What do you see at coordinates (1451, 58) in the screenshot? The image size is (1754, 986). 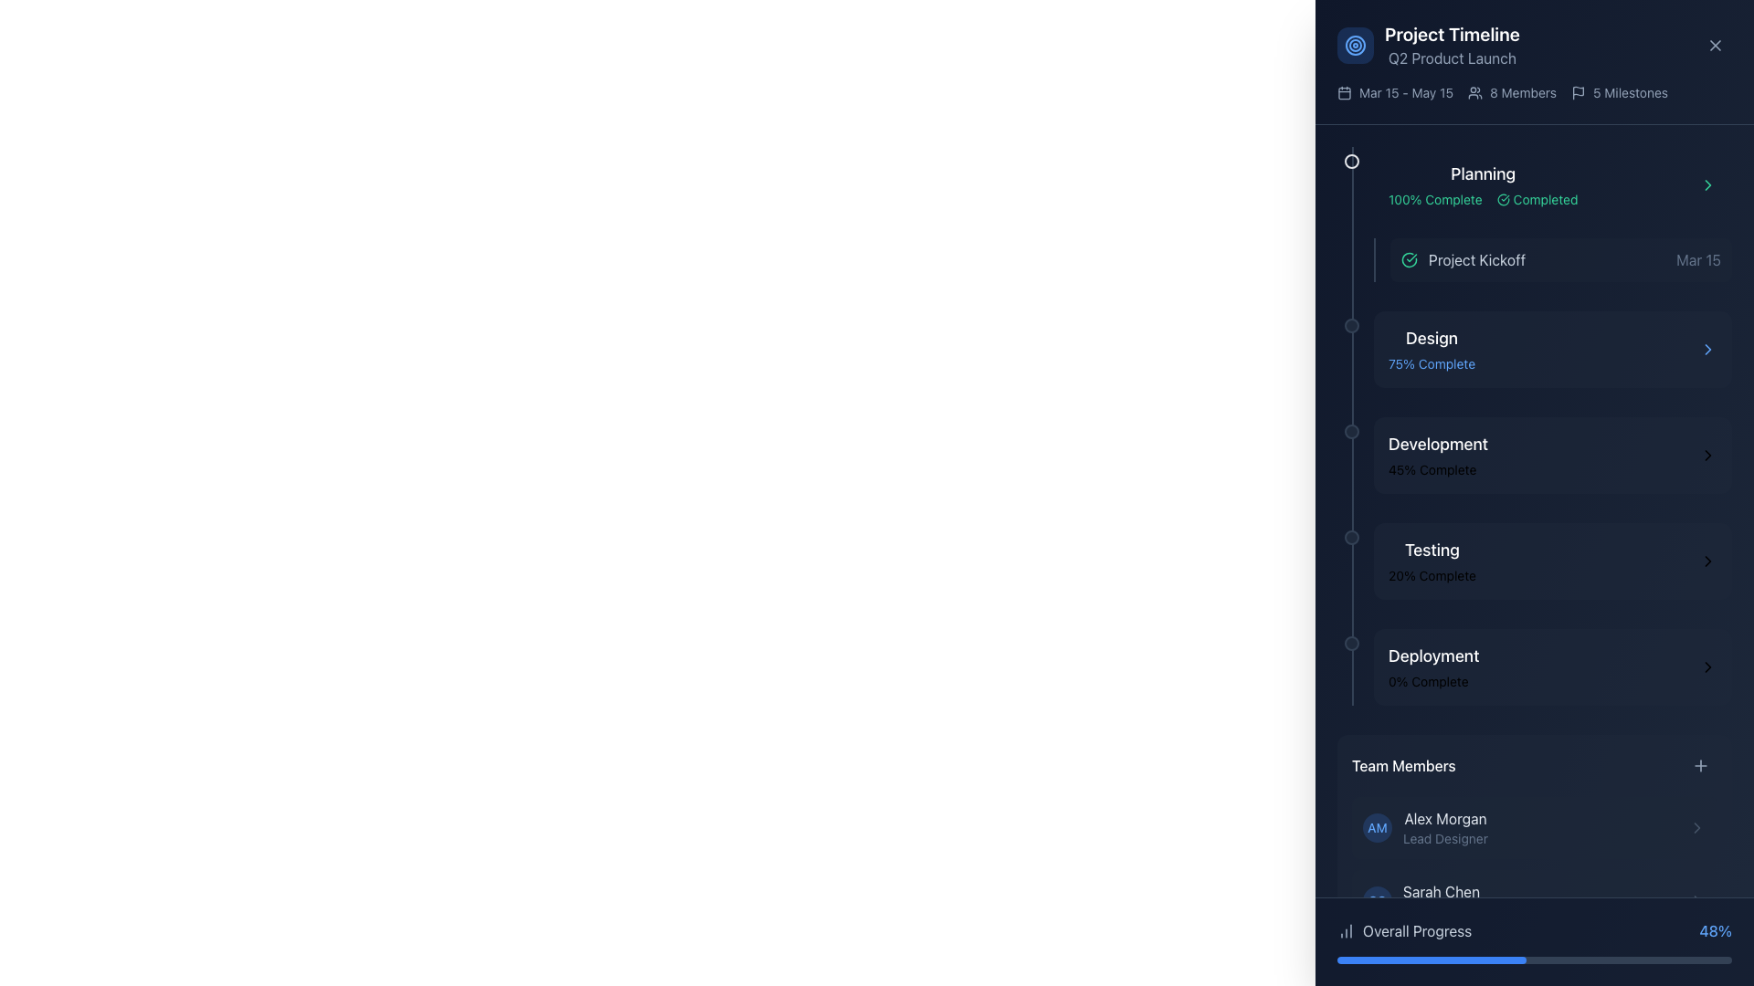 I see `the label displaying 'Q2 Product Launch' which is styled in gray and located in the header section below 'Project Timeline'` at bounding box center [1451, 58].